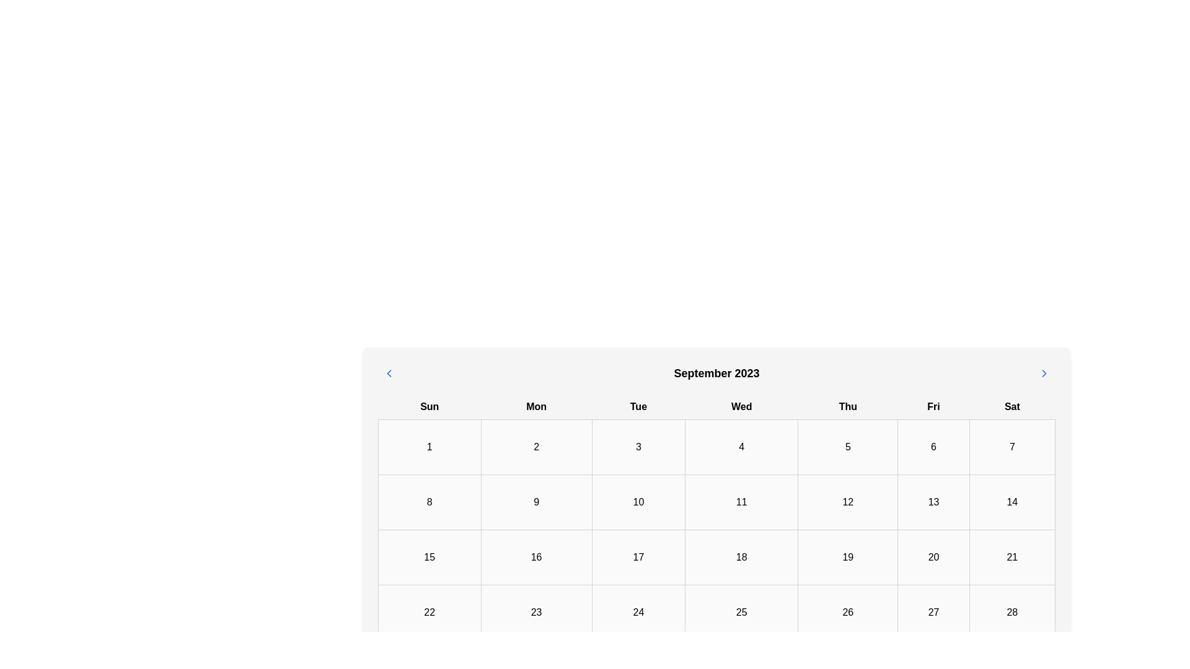 This screenshot has width=1190, height=669. Describe the element at coordinates (1012, 611) in the screenshot. I see `the calendar date cell displaying the number '28' to change its background color to a bluish tint` at that location.